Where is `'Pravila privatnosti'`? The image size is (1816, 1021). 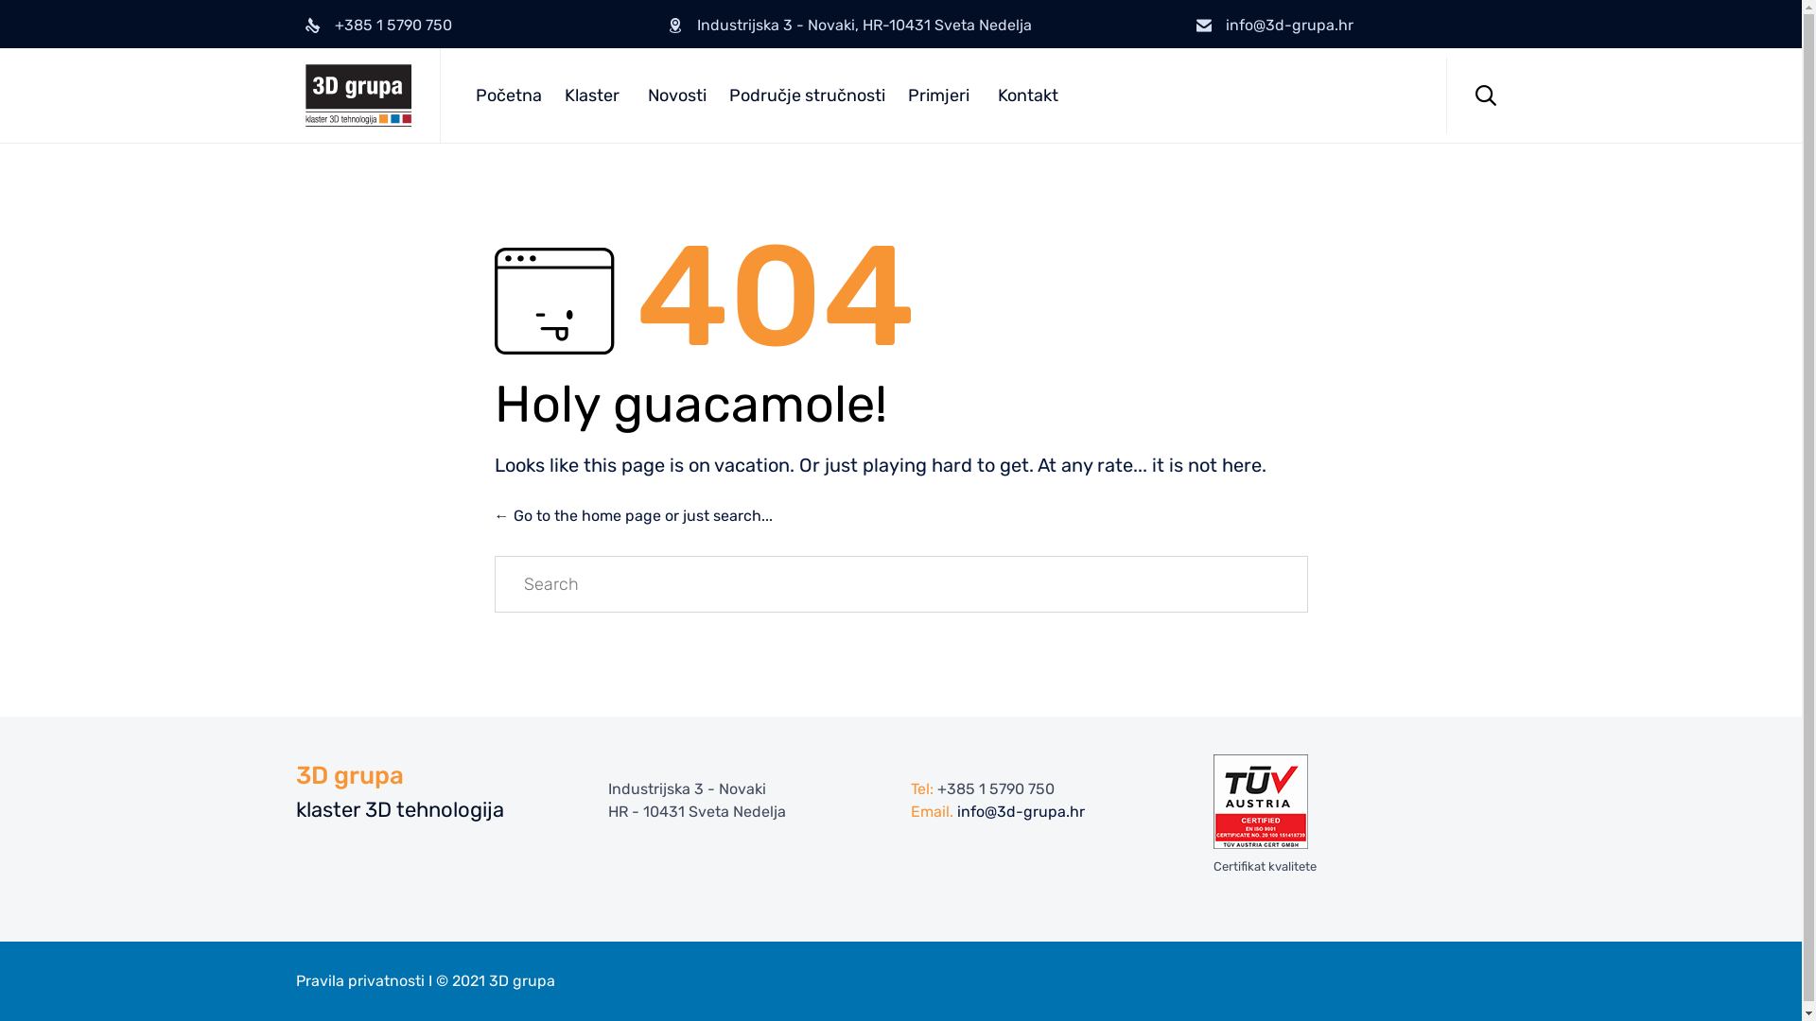 'Pravila privatnosti' is located at coordinates (358, 979).